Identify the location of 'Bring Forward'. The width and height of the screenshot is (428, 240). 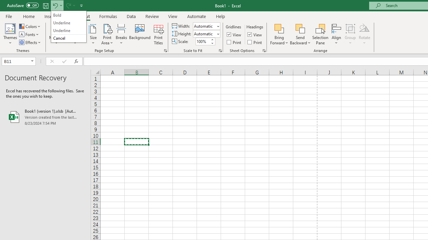
(279, 28).